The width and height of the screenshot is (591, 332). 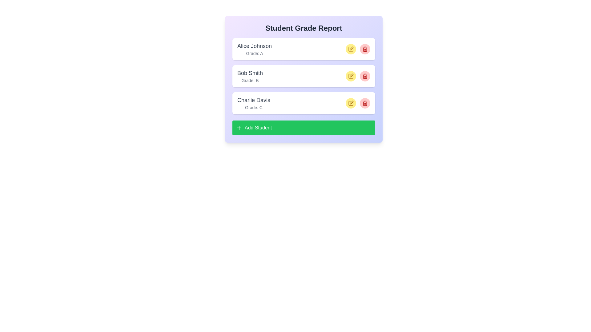 What do you see at coordinates (351, 103) in the screenshot?
I see `edit button for the student identified by Charlie Davis` at bounding box center [351, 103].